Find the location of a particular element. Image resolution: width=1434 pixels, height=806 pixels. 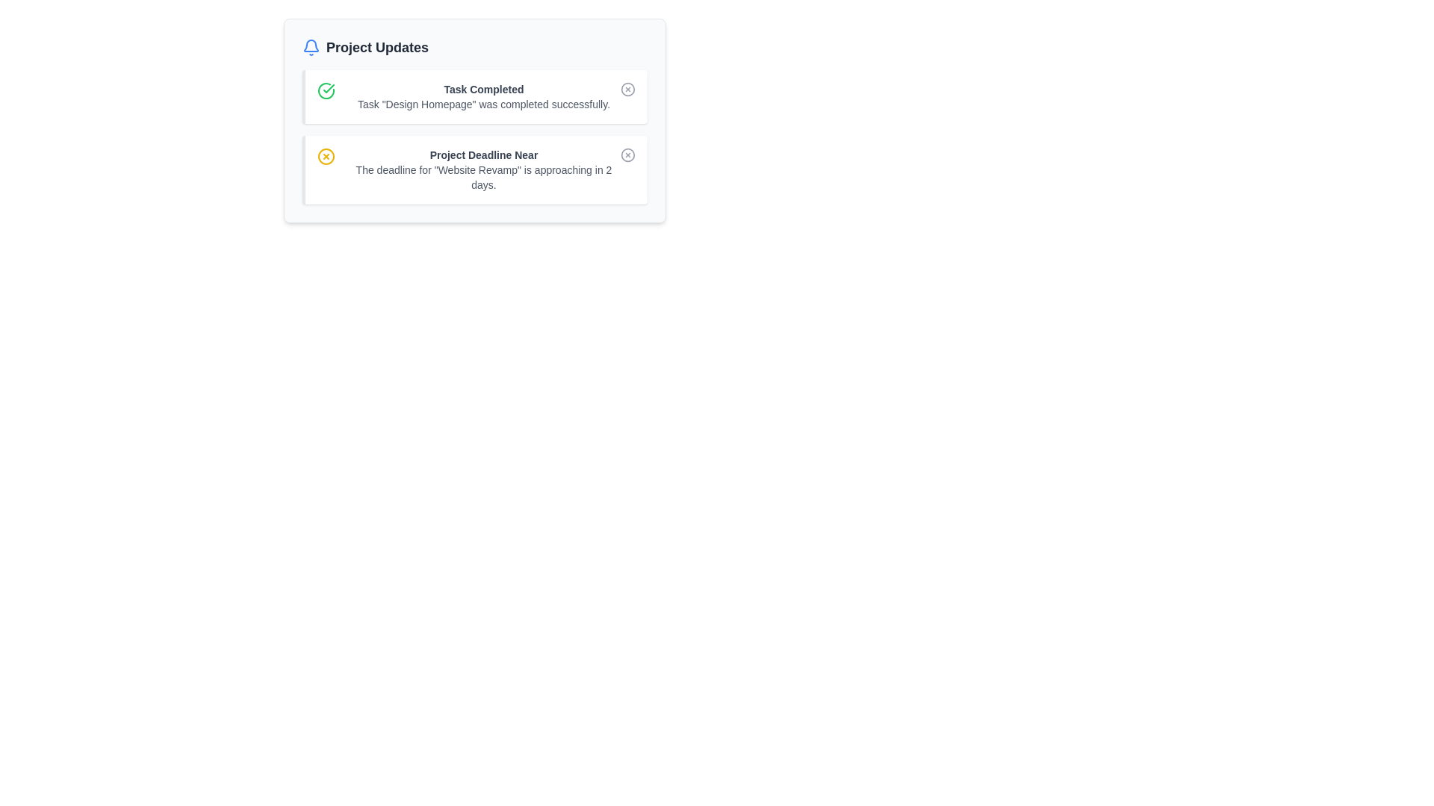

the task completion status icon located at the top-left corner of the 'Task Completed' notification card is located at coordinates (332, 91).